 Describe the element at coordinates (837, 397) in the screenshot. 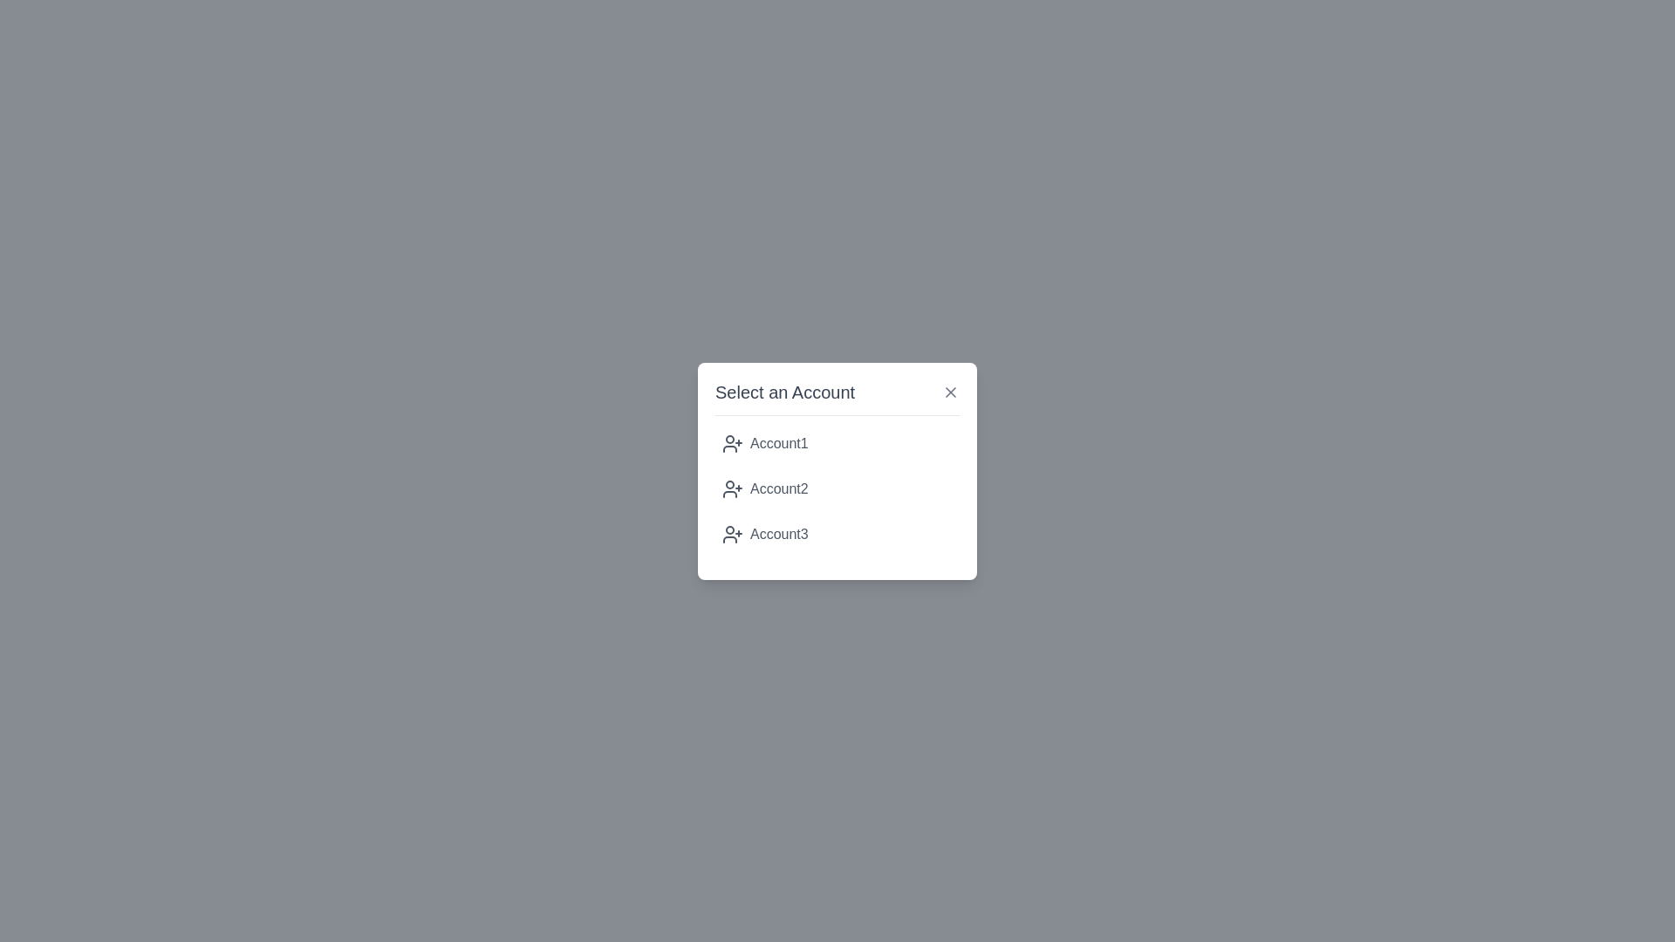

I see `the text 'Select an Account'` at that location.